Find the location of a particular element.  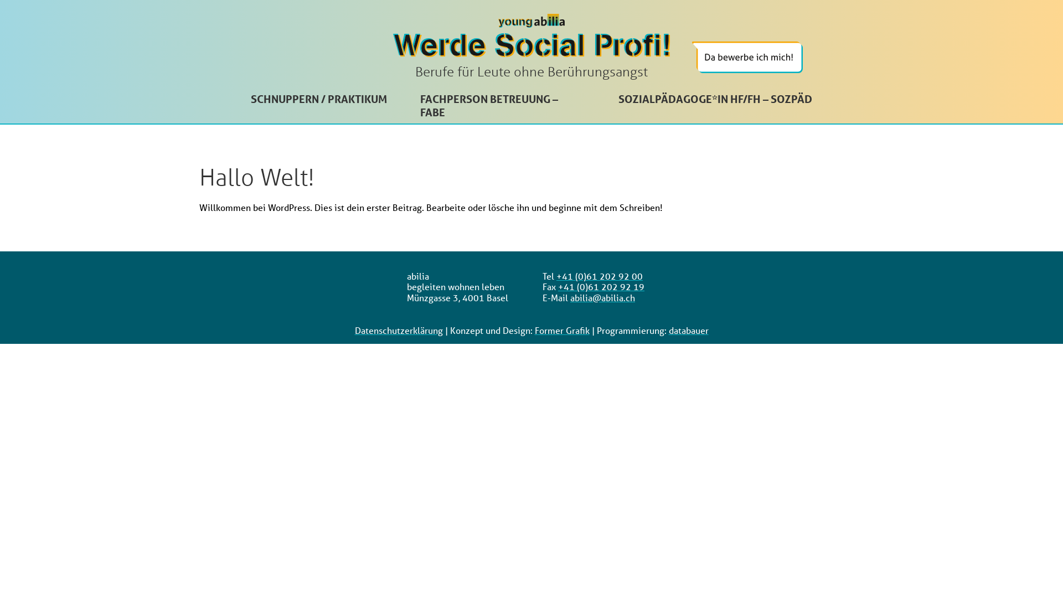

'abilia@abilia.ch' is located at coordinates (602, 297).